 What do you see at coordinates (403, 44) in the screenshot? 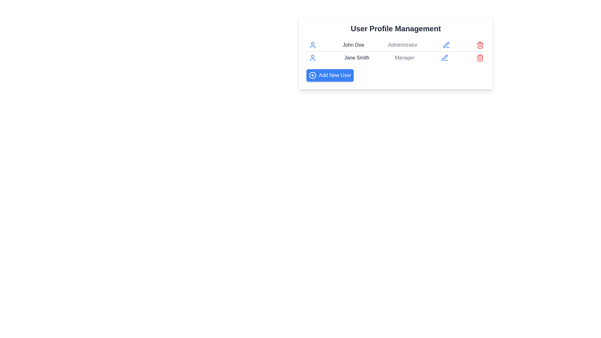
I see `the text label indicating the role or designation for 'John Doe' in the User Profile Management section to potentially see additional details` at bounding box center [403, 44].